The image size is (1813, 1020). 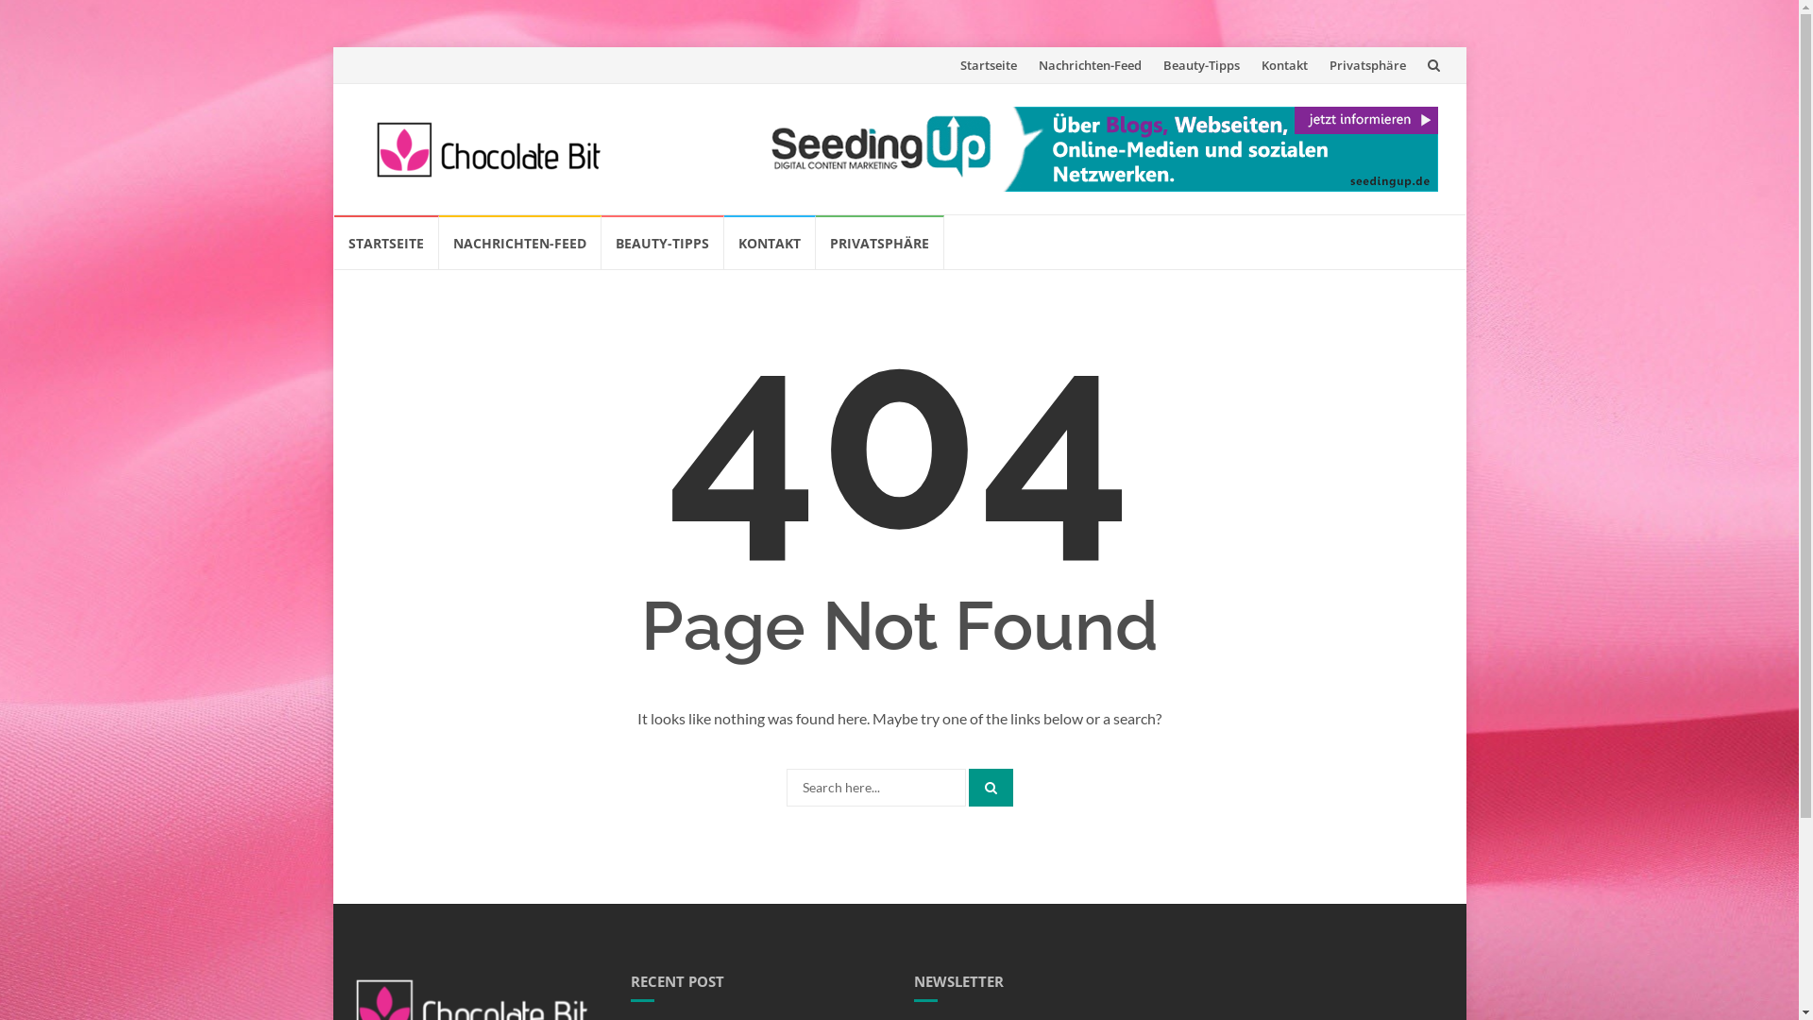 What do you see at coordinates (950, 45) in the screenshot?
I see `'Skip to content'` at bounding box center [950, 45].